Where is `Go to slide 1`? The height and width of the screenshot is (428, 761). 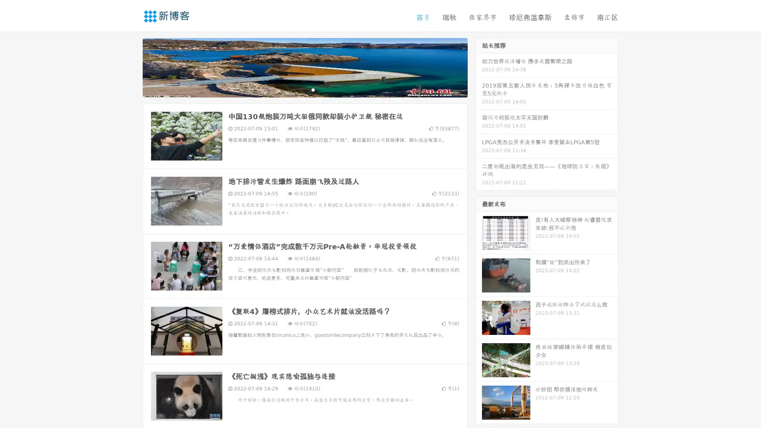 Go to slide 1 is located at coordinates (296, 89).